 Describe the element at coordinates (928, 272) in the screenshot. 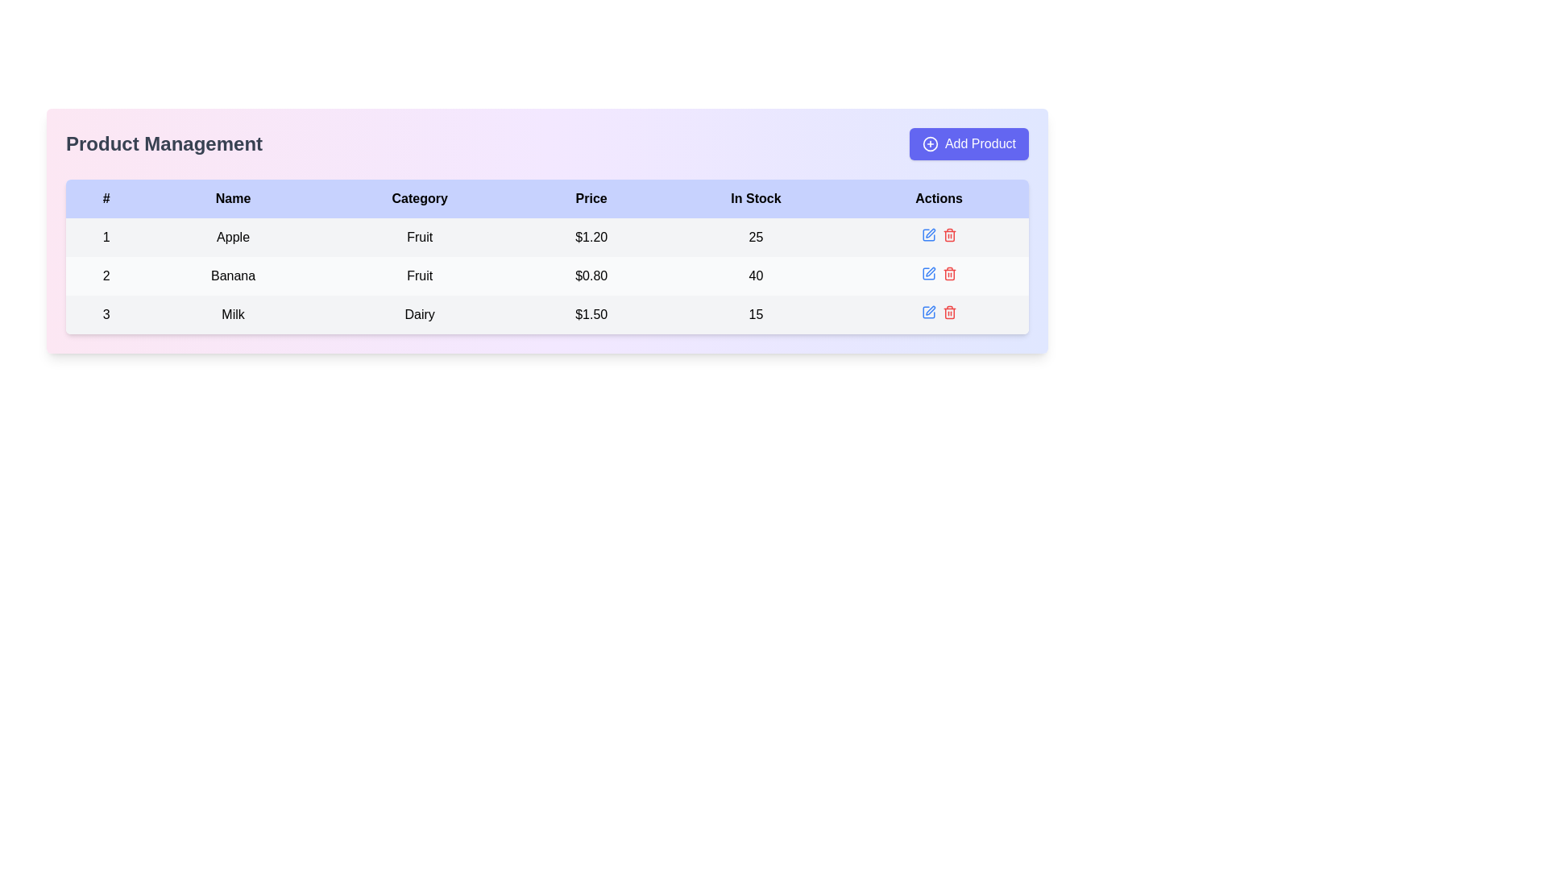

I see `the edit icon button, which is a small square with a pen inside, located in the 'Actions' column of the second row of the table, to initiate an edit action` at that location.